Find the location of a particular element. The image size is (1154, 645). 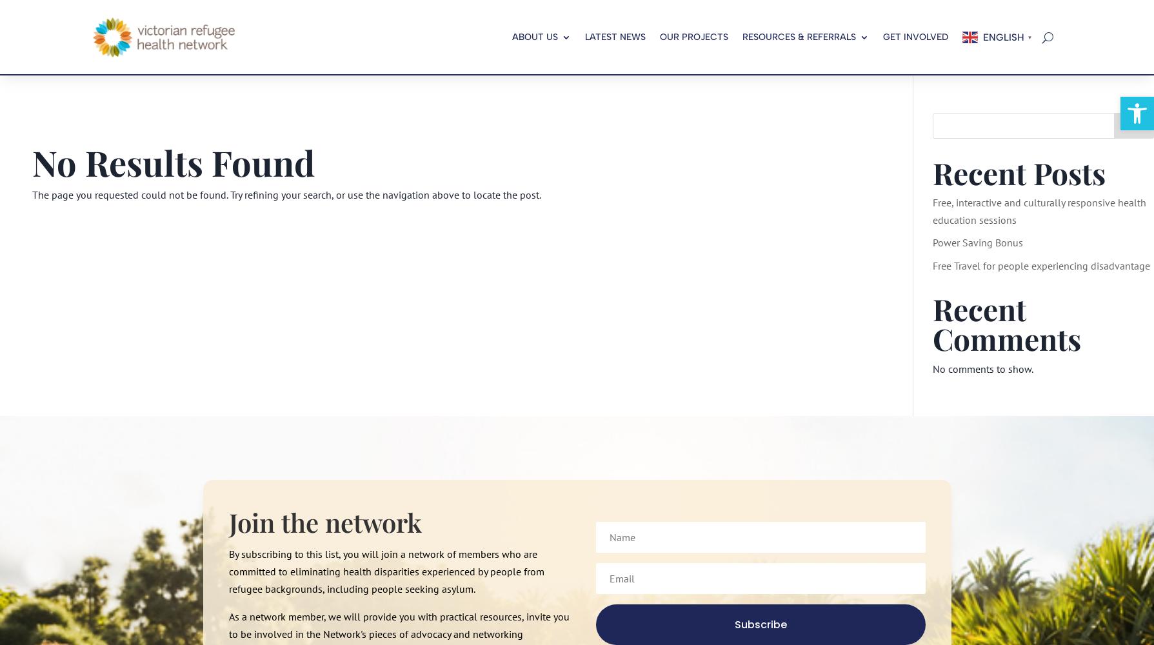

'Our Strategic Priorities' is located at coordinates (568, 151).